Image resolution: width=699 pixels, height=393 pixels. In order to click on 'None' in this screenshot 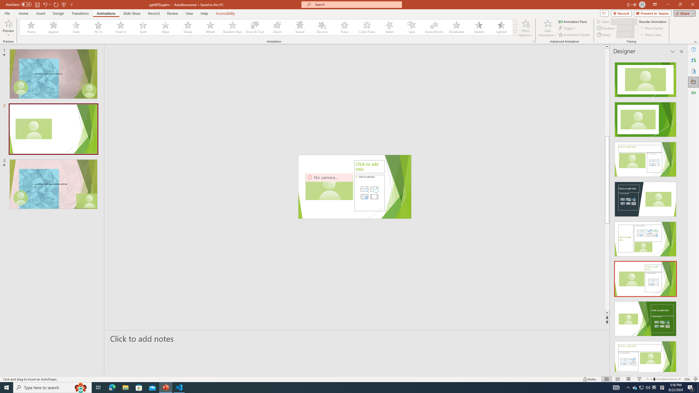, I will do `click(31, 27)`.